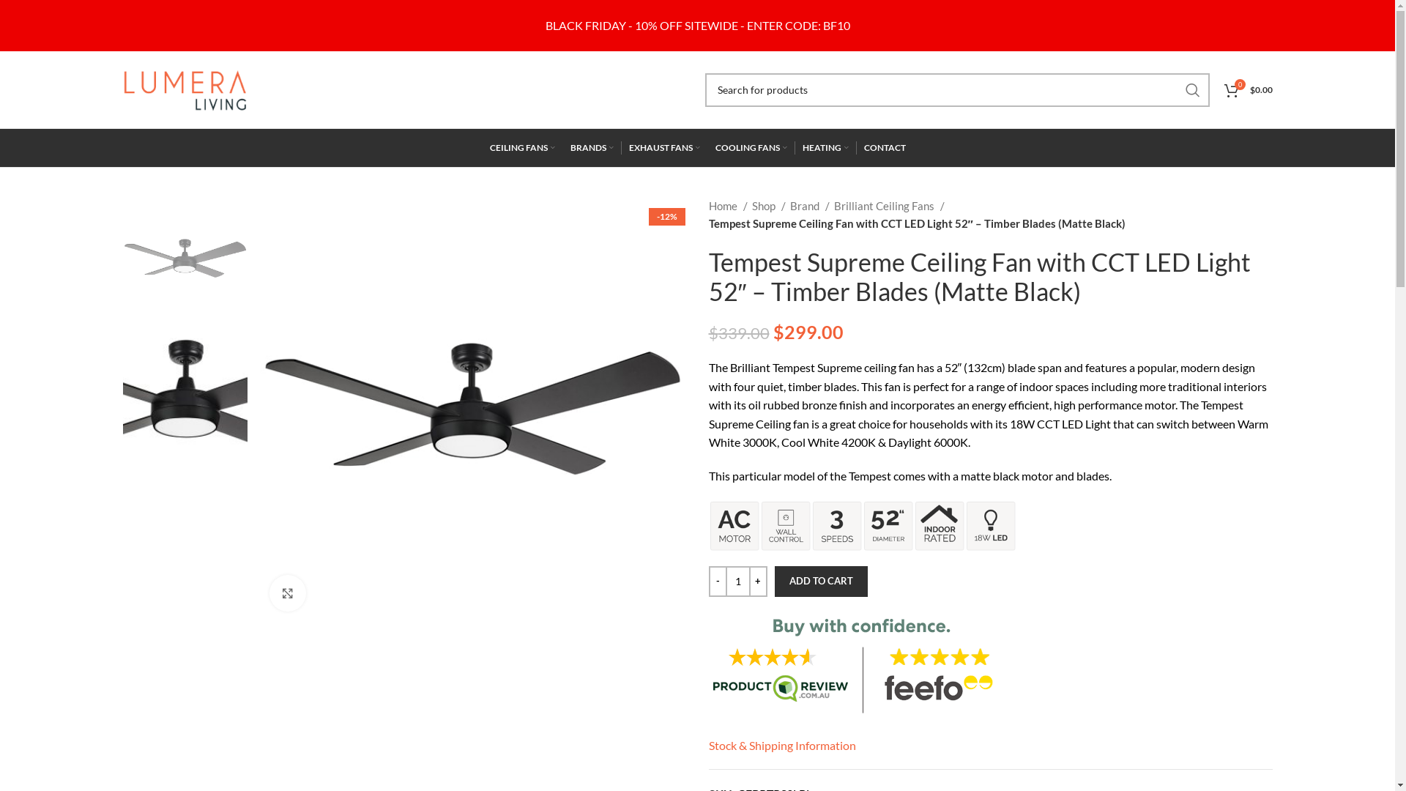 The height and width of the screenshot is (791, 1406). I want to click on 'HEATING', so click(825, 147).